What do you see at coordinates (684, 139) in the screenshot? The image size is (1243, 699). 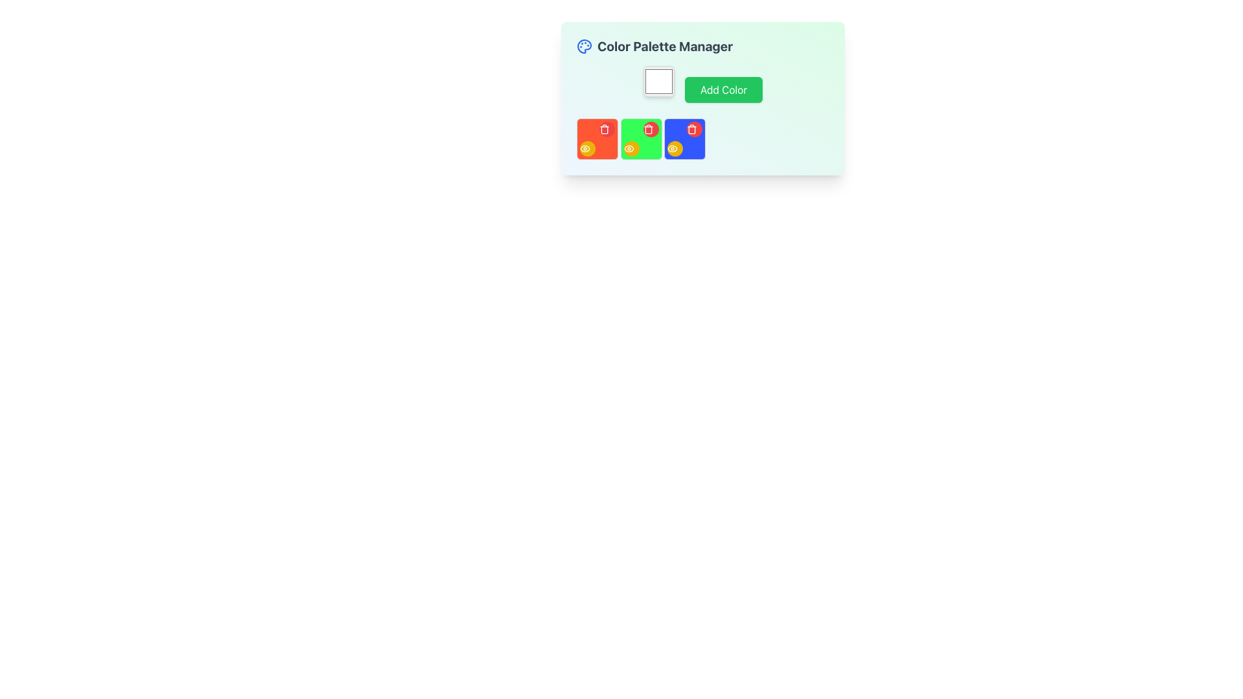 I see `the Interactive panel with a blue background and accessory buttons, featuring a red trash bin icon and a yellow eye icon, located at the bottom of the 'Color Palette Manager' interface` at bounding box center [684, 139].